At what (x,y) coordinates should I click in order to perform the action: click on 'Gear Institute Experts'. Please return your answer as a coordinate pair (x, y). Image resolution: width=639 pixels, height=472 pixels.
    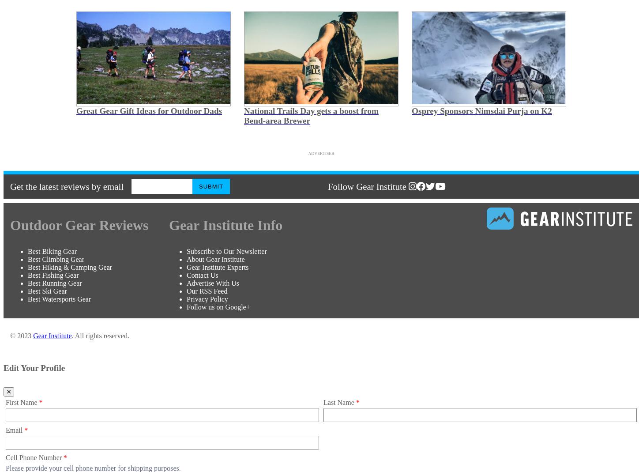
    Looking at the image, I should click on (217, 267).